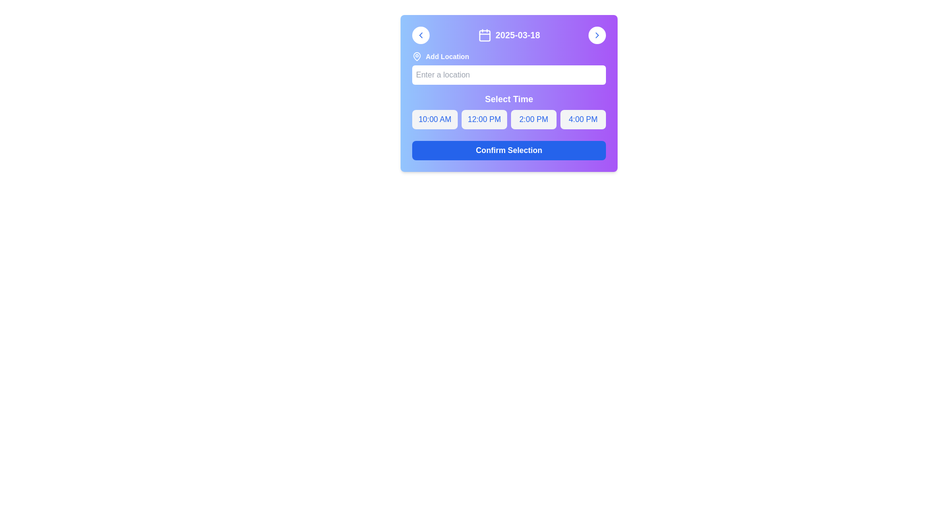 The height and width of the screenshot is (523, 930). What do you see at coordinates (533, 119) in the screenshot?
I see `the selectable button labeled '2:00 PM'` at bounding box center [533, 119].